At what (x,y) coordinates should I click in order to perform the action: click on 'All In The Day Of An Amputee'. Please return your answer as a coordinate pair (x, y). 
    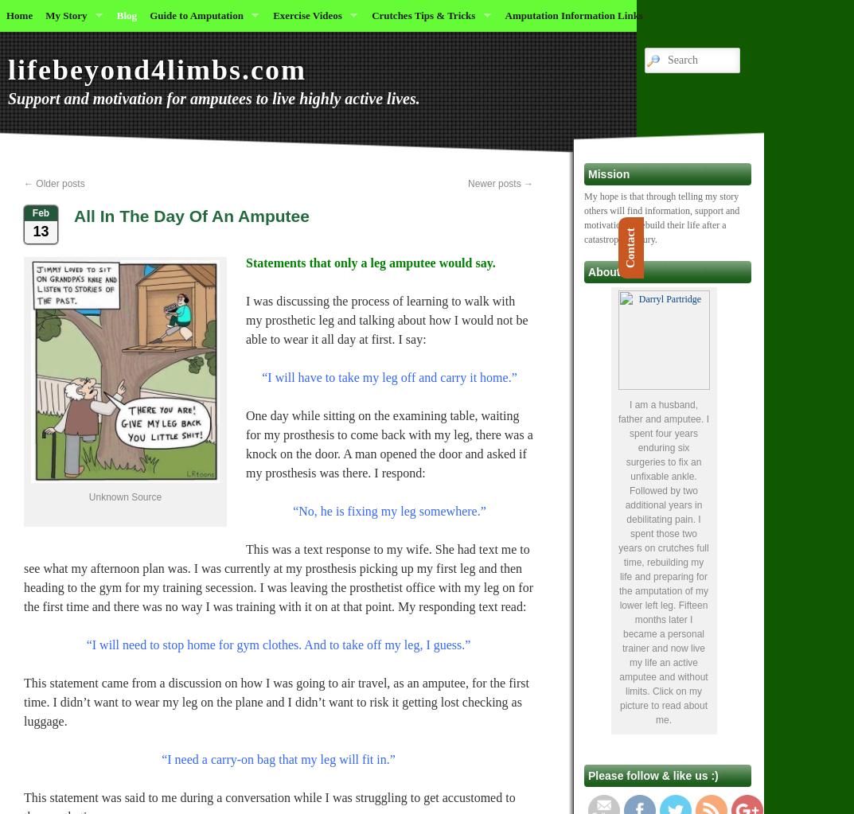
    Looking at the image, I should click on (190, 216).